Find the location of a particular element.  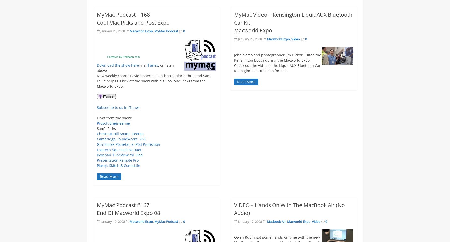

'Prosoft Engineering' is located at coordinates (113, 123).